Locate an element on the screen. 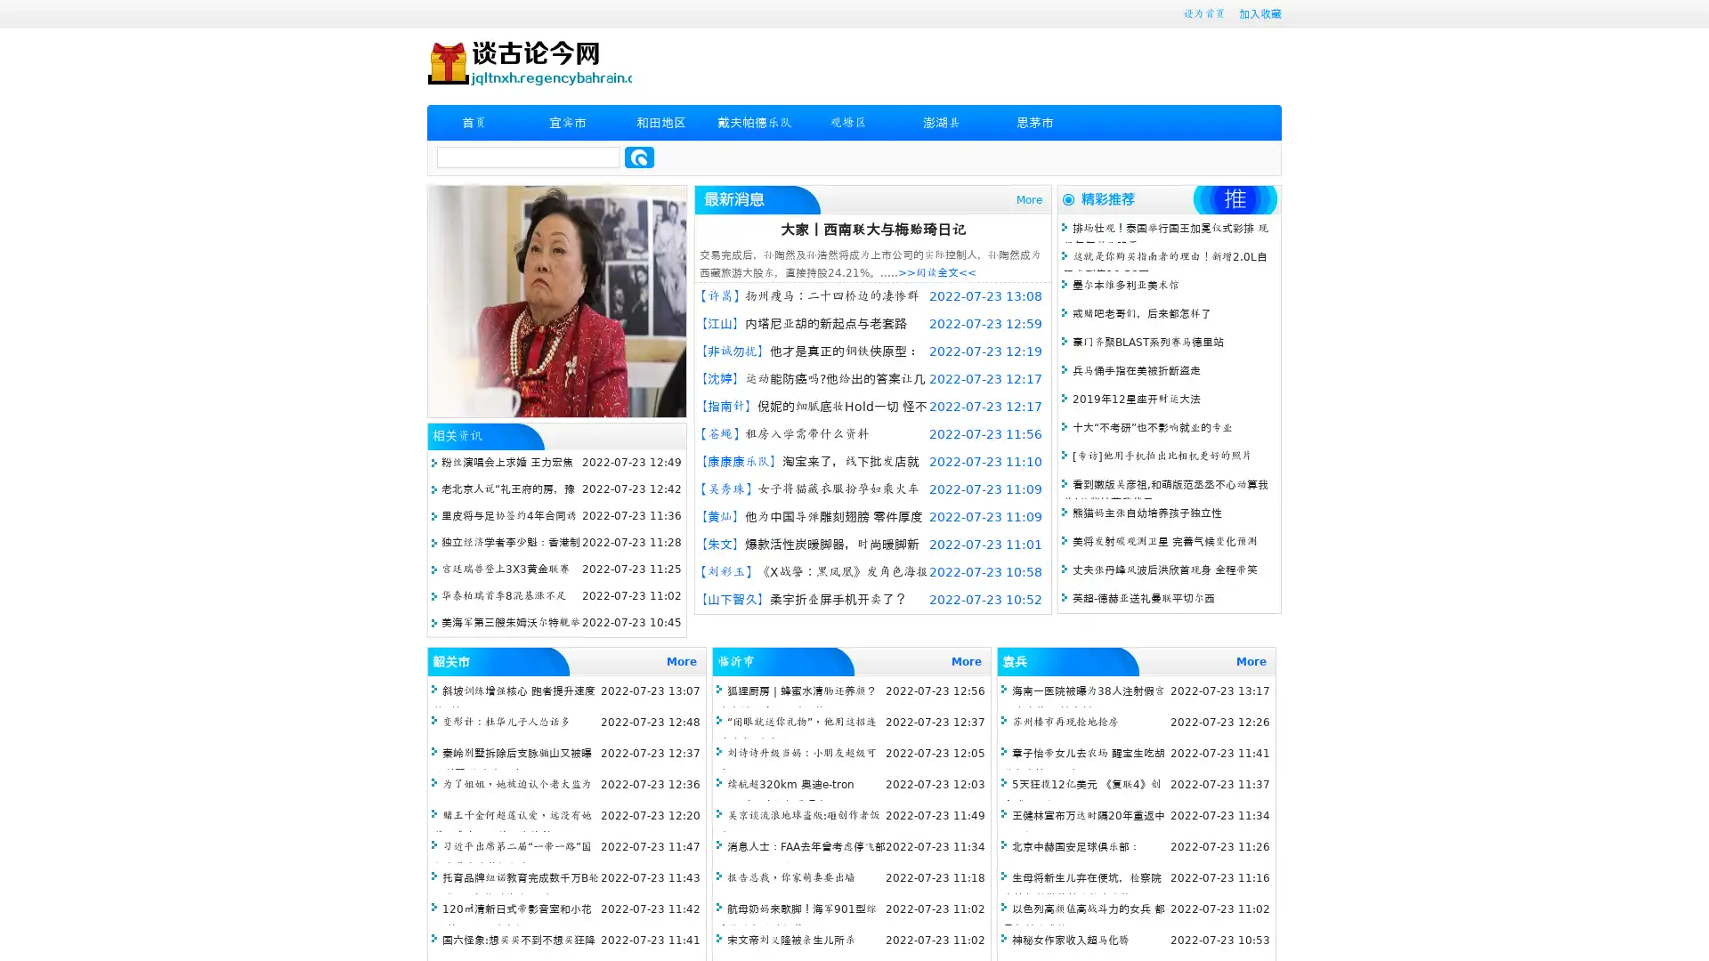 This screenshot has width=1709, height=961. Search is located at coordinates (639, 157).